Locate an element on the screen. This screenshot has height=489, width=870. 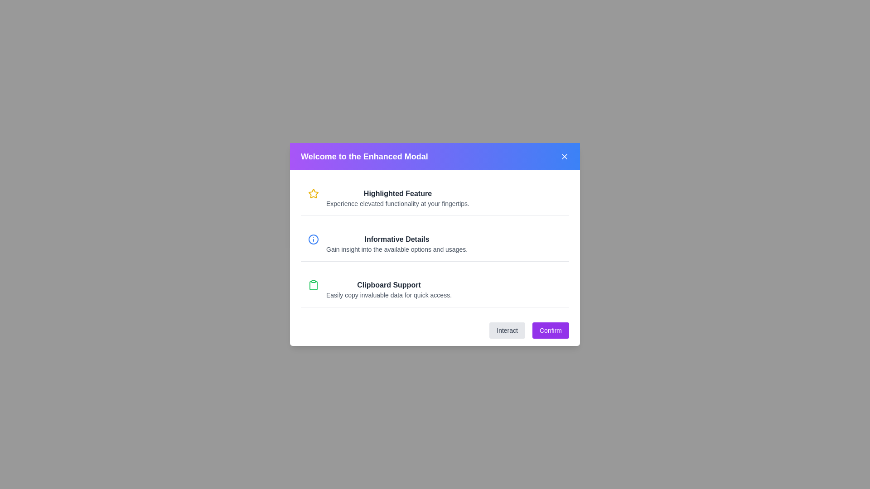
the Informational text block featuring the title 'Highlighted Feature' and the description 'Experience elevated functionality at your fingertips.' is located at coordinates (398, 198).